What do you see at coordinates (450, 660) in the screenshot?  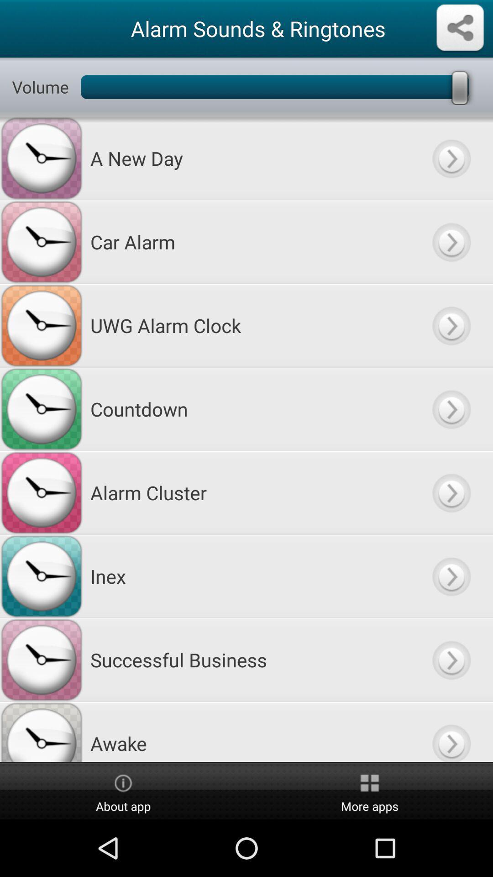 I see `arrow button right to successful business text` at bounding box center [450, 660].